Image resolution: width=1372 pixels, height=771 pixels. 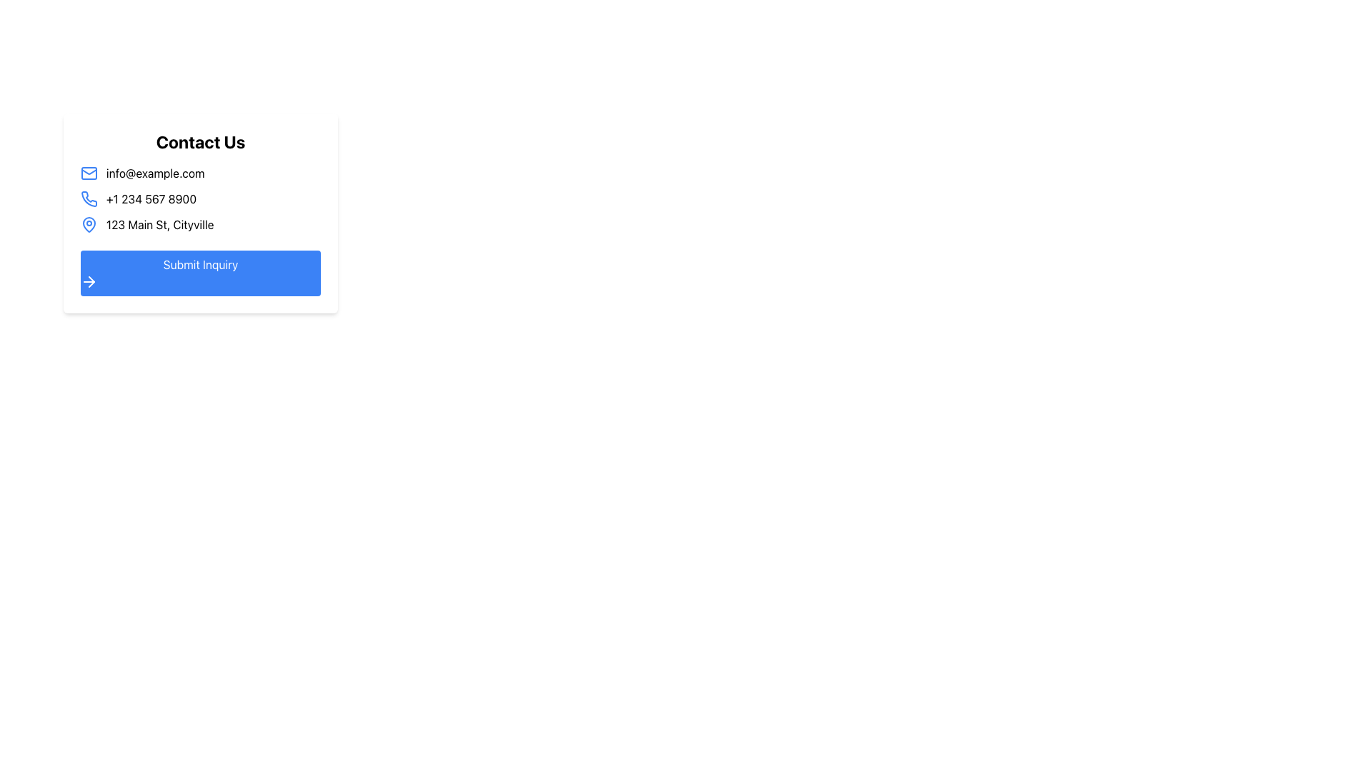 I want to click on the static text displaying '123 Main St, Cityville' located in the 'Contact Us' panel, below the phone information and adjacent to a blue map pin icon, so click(x=160, y=225).